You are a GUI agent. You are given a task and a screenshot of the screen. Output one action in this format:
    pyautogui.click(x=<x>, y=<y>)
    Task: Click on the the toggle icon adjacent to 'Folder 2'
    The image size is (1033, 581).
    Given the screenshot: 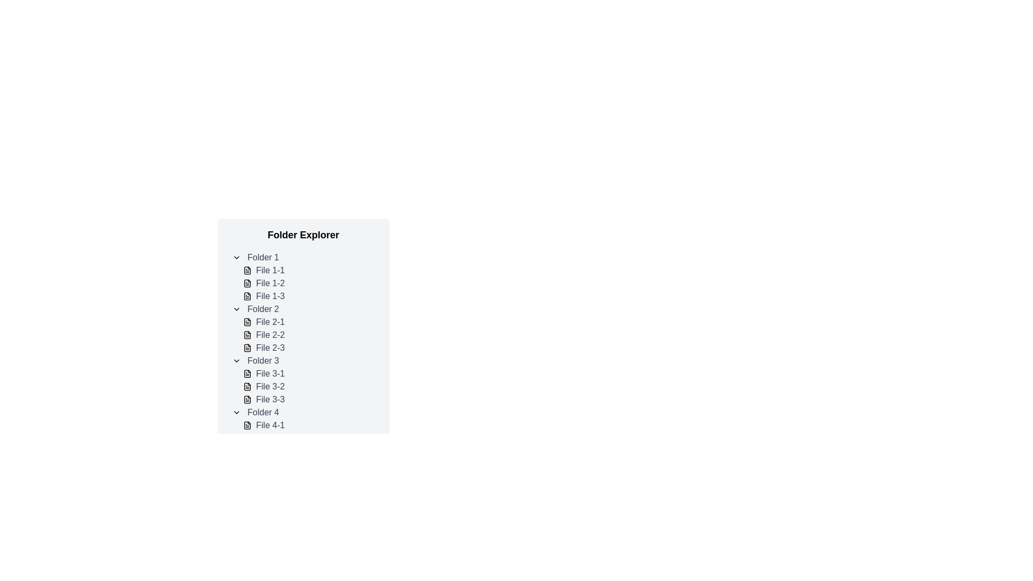 What is the action you would take?
    pyautogui.click(x=236, y=309)
    